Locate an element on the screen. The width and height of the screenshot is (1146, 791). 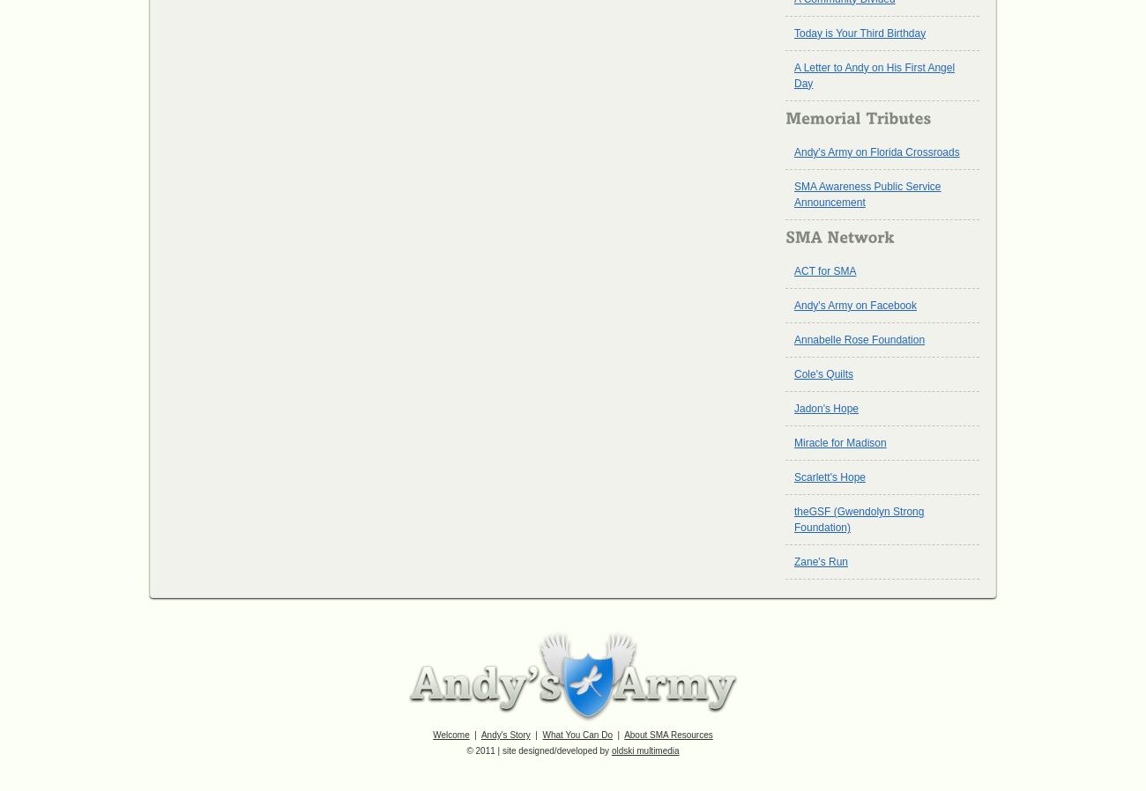
'What You Can Do' is located at coordinates (542, 735).